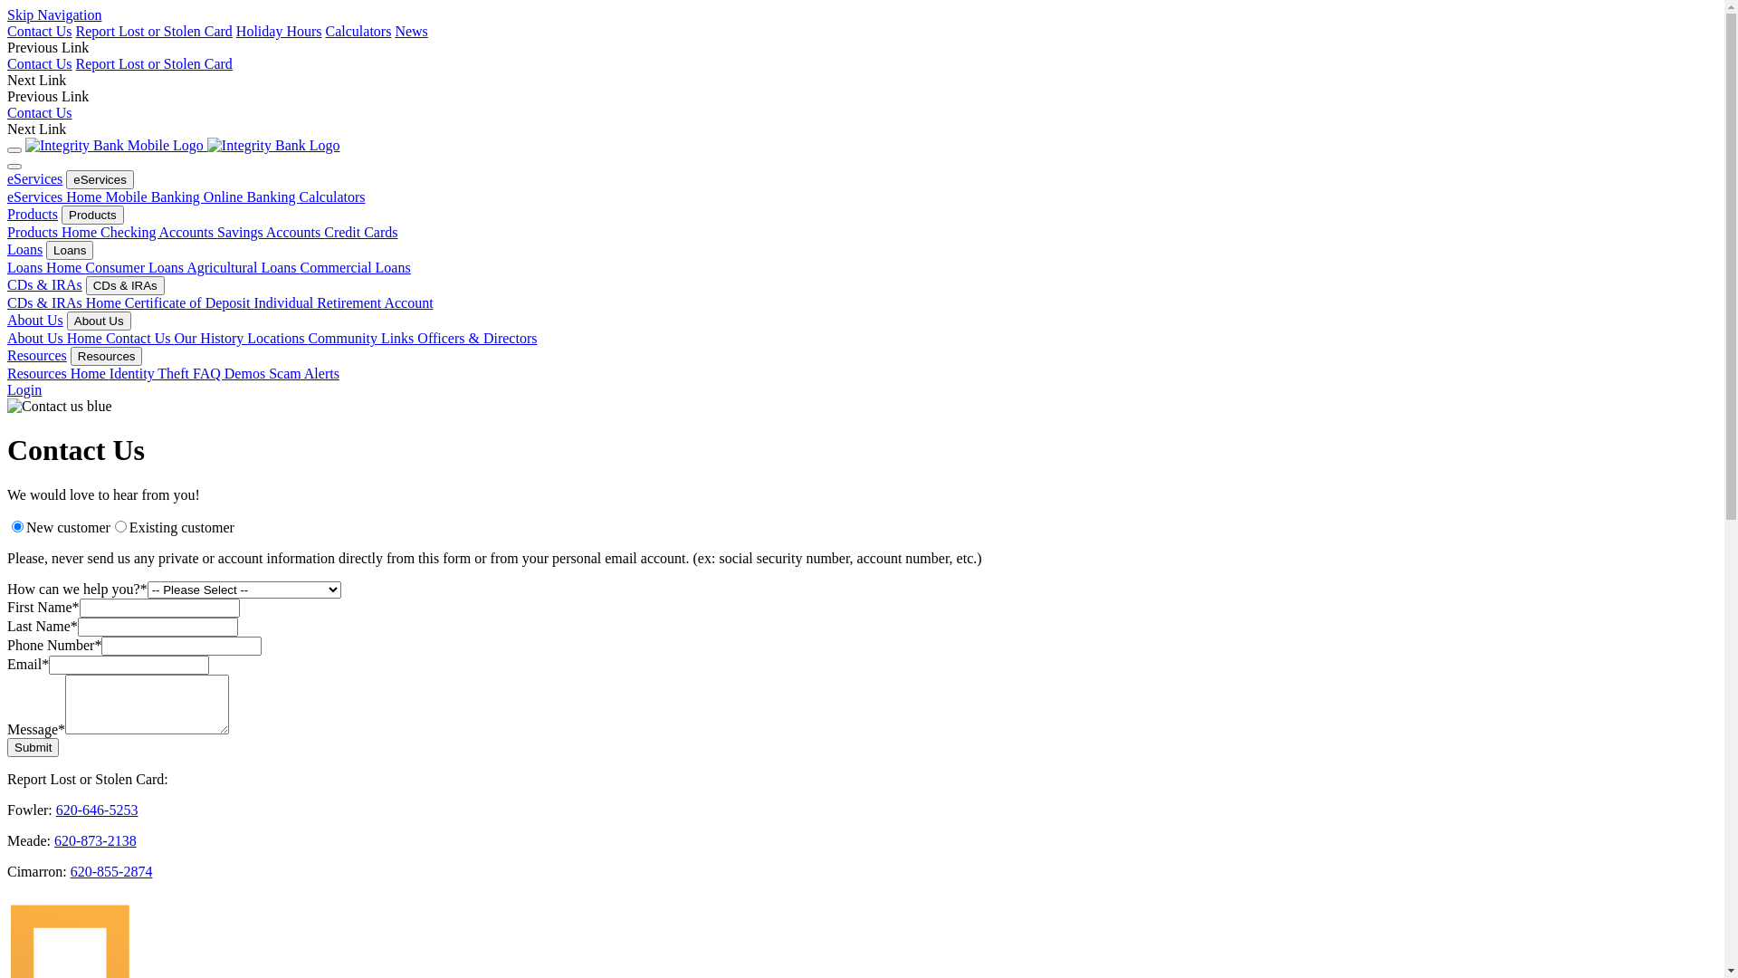 The width and height of the screenshot is (1738, 978). Describe the element at coordinates (98, 320) in the screenshot. I see `'About Us'` at that location.